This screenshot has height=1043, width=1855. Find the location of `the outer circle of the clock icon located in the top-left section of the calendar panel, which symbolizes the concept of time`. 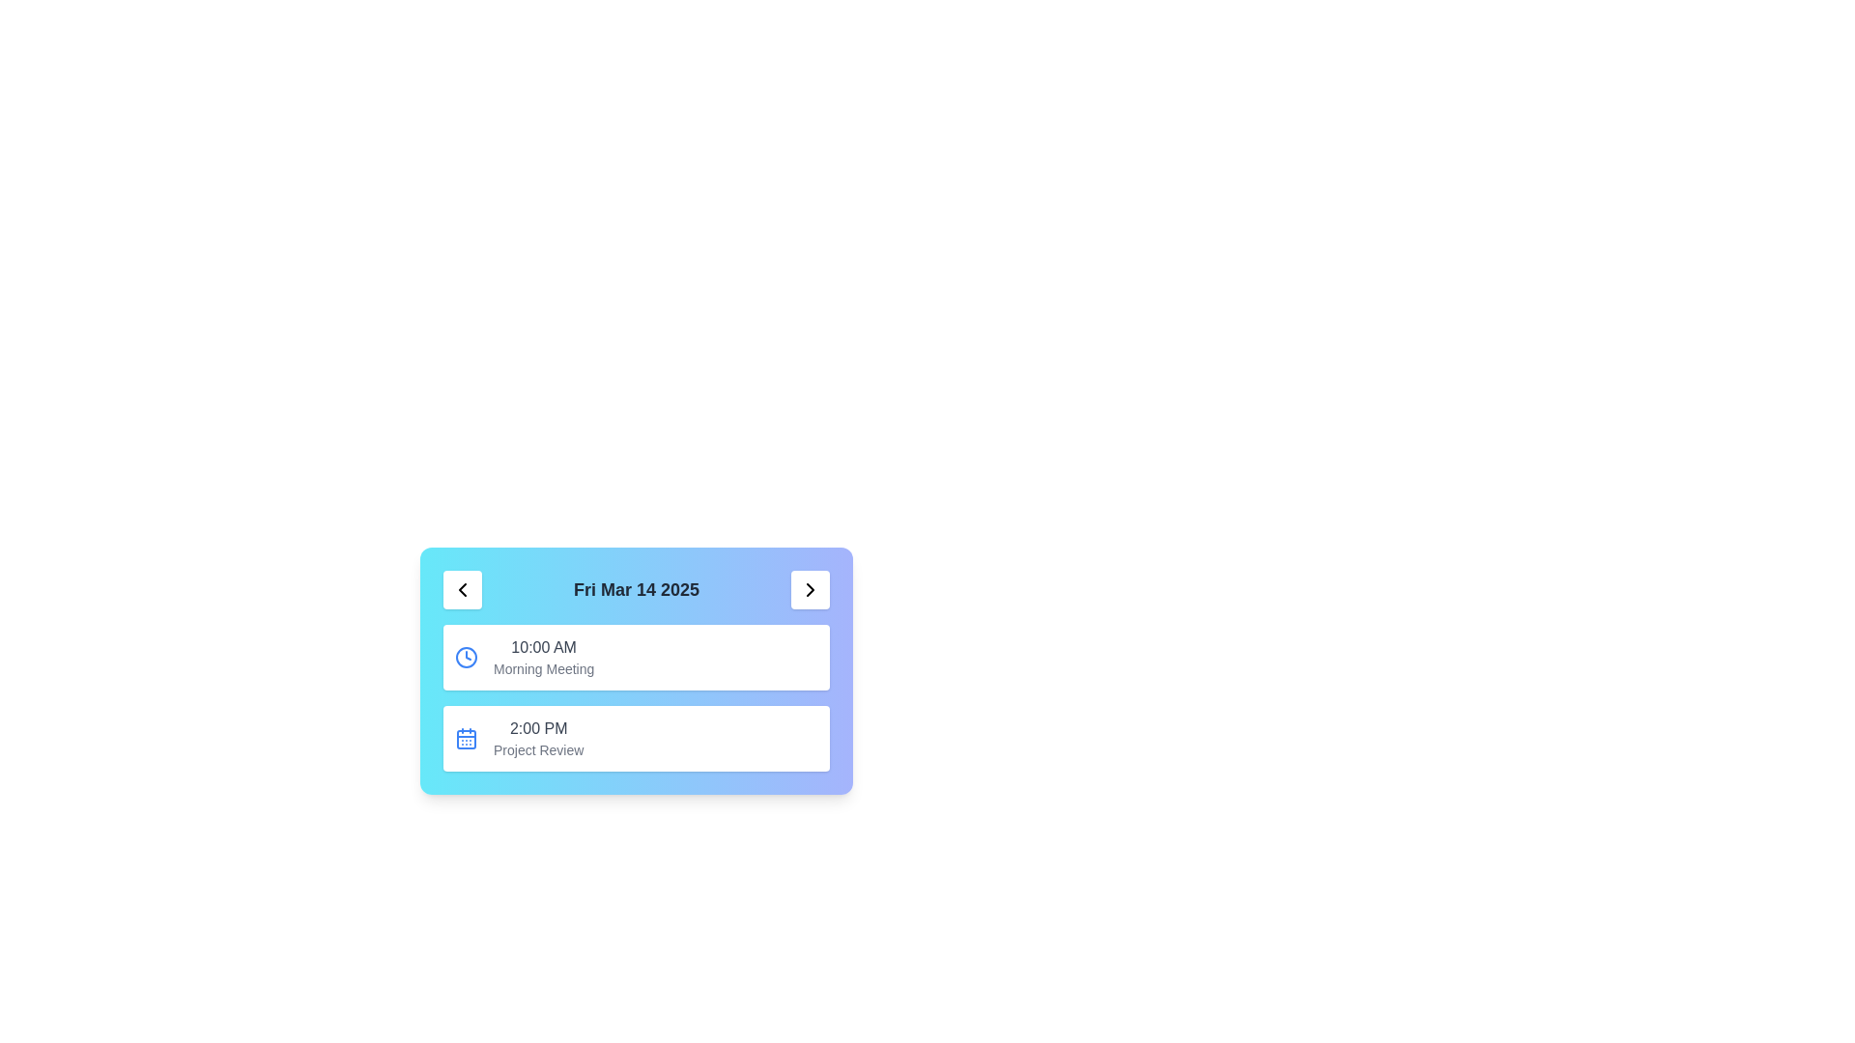

the outer circle of the clock icon located in the top-left section of the calendar panel, which symbolizes the concept of time is located at coordinates (467, 657).